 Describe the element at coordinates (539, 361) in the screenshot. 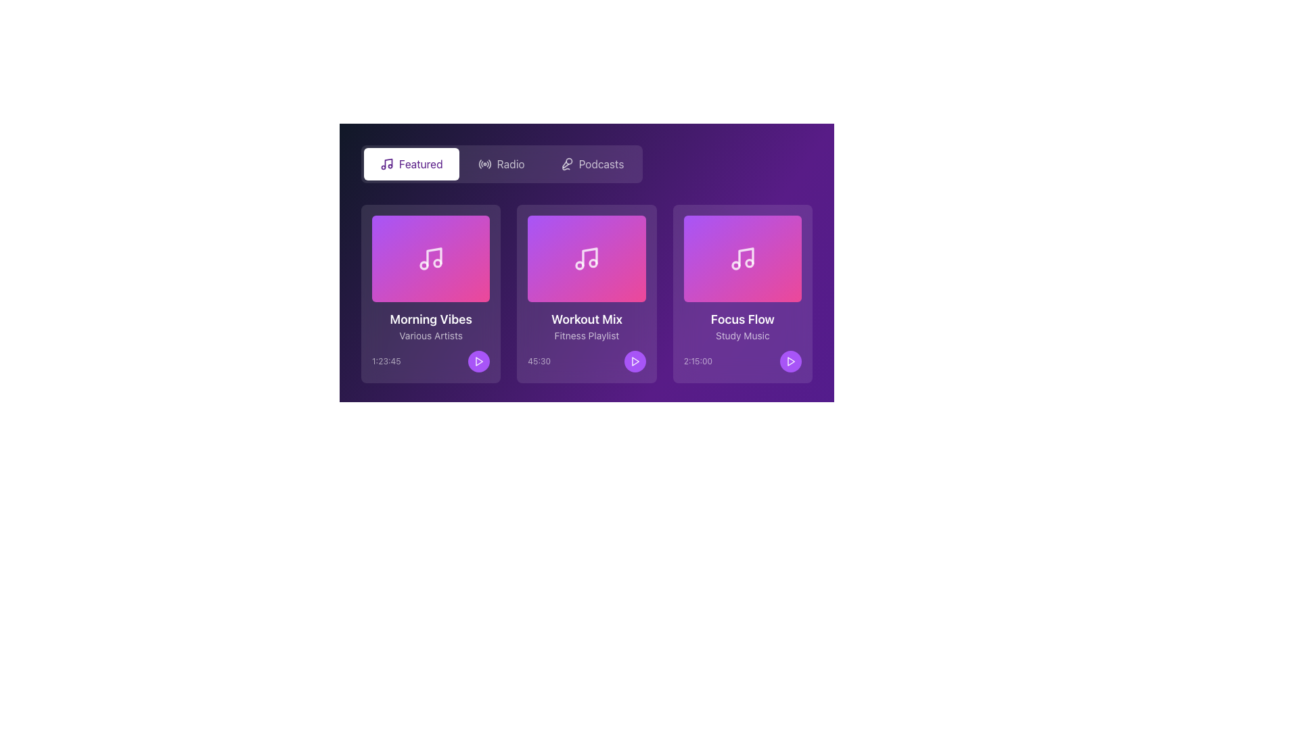

I see `the Text Label displaying the duration '45:30' located in the lower-left corner of the second card, positioned above the play icon button` at that location.